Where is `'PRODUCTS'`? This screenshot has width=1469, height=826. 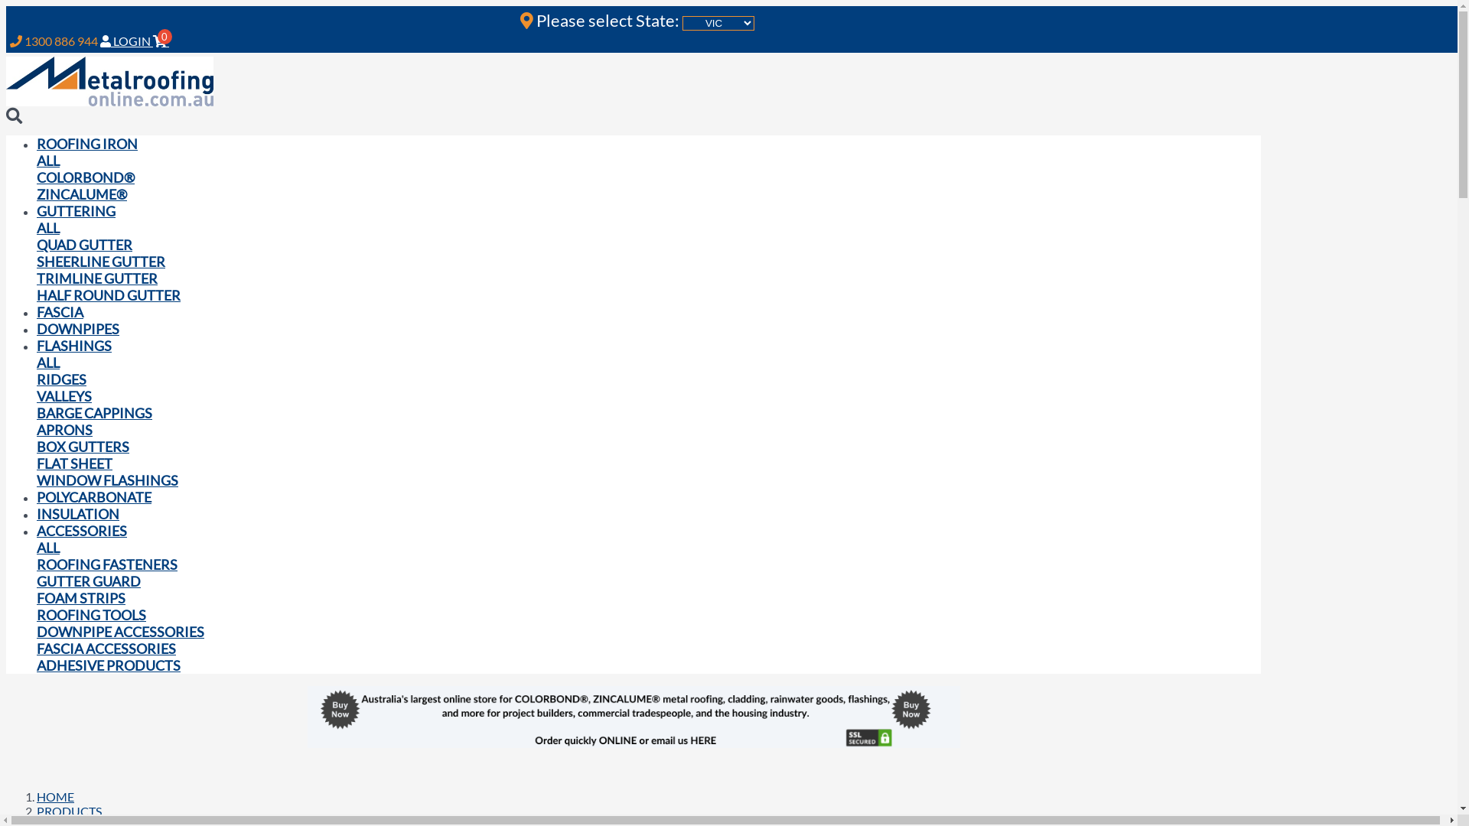
'PRODUCTS' is located at coordinates (68, 810).